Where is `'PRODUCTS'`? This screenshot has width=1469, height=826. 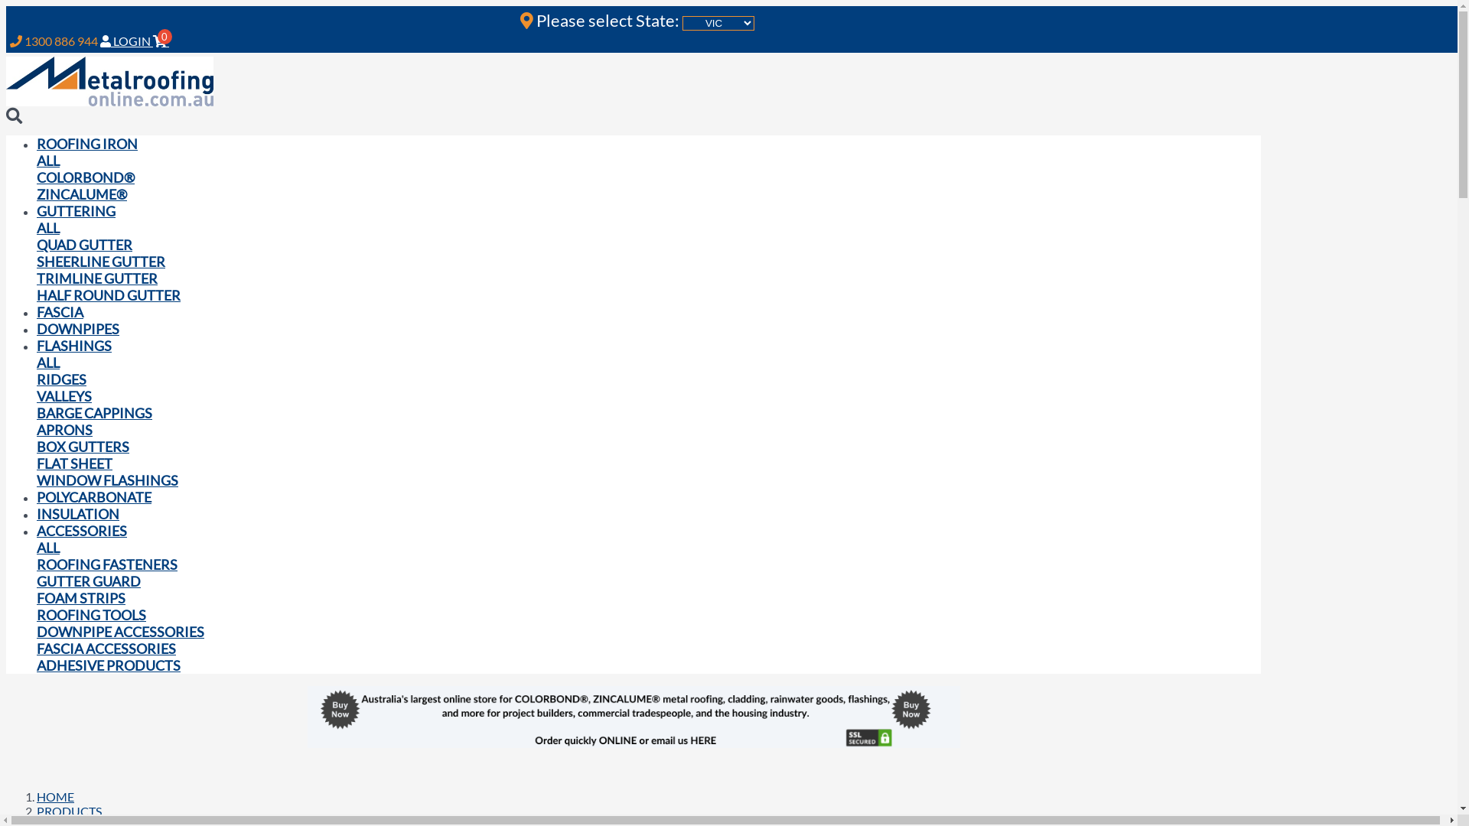
'PRODUCTS' is located at coordinates (68, 810).